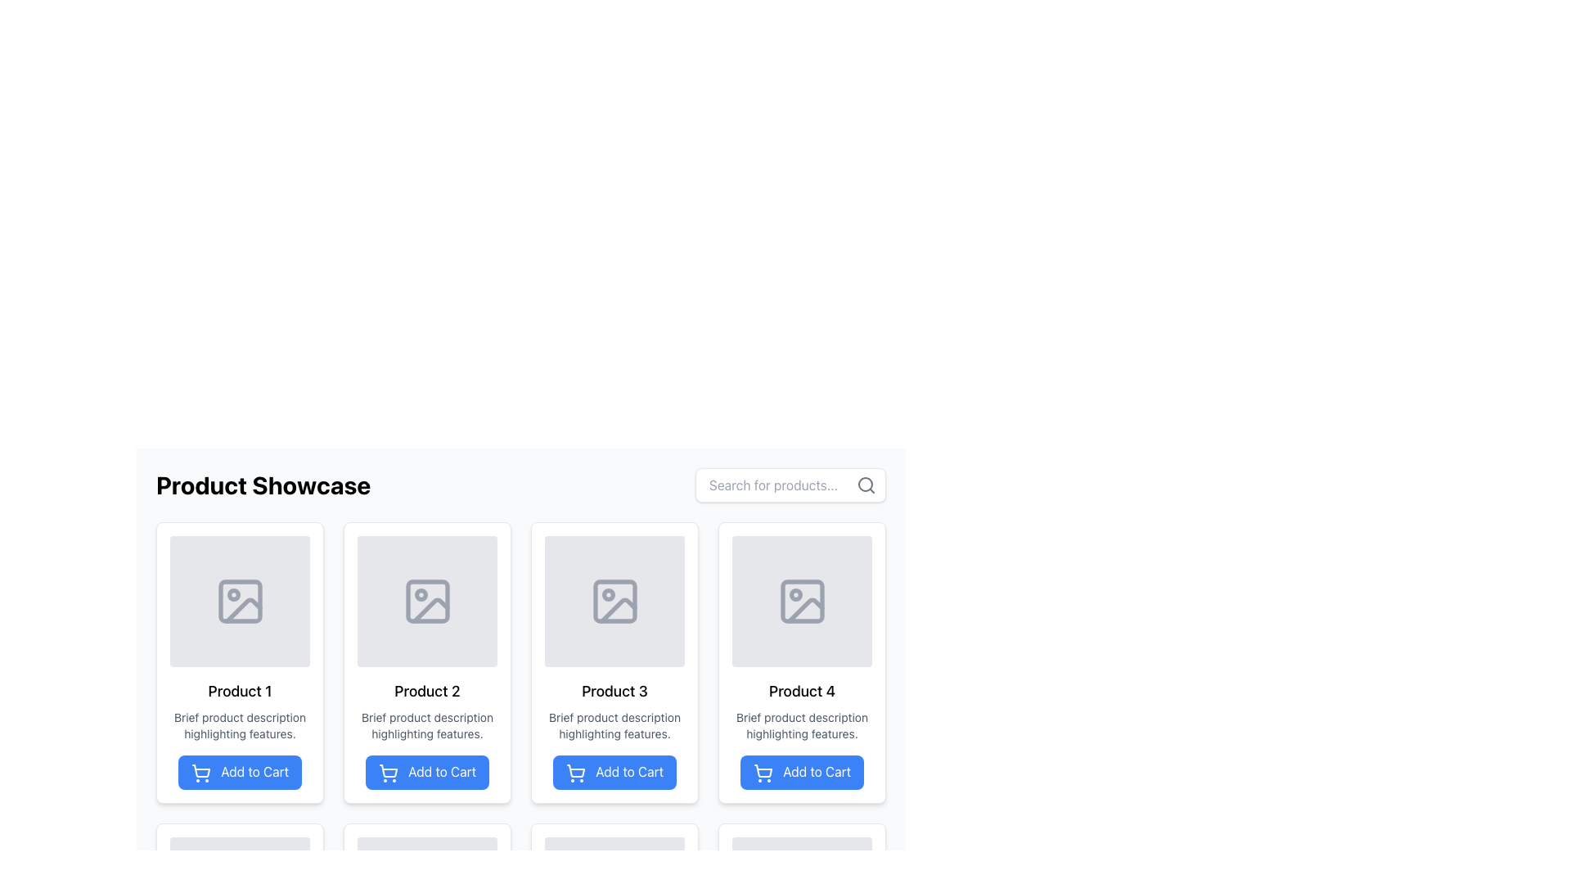 The width and height of the screenshot is (1571, 884). Describe the element at coordinates (427, 602) in the screenshot. I see `the image placeholder icon for 'Product 2' to interact with it` at that location.